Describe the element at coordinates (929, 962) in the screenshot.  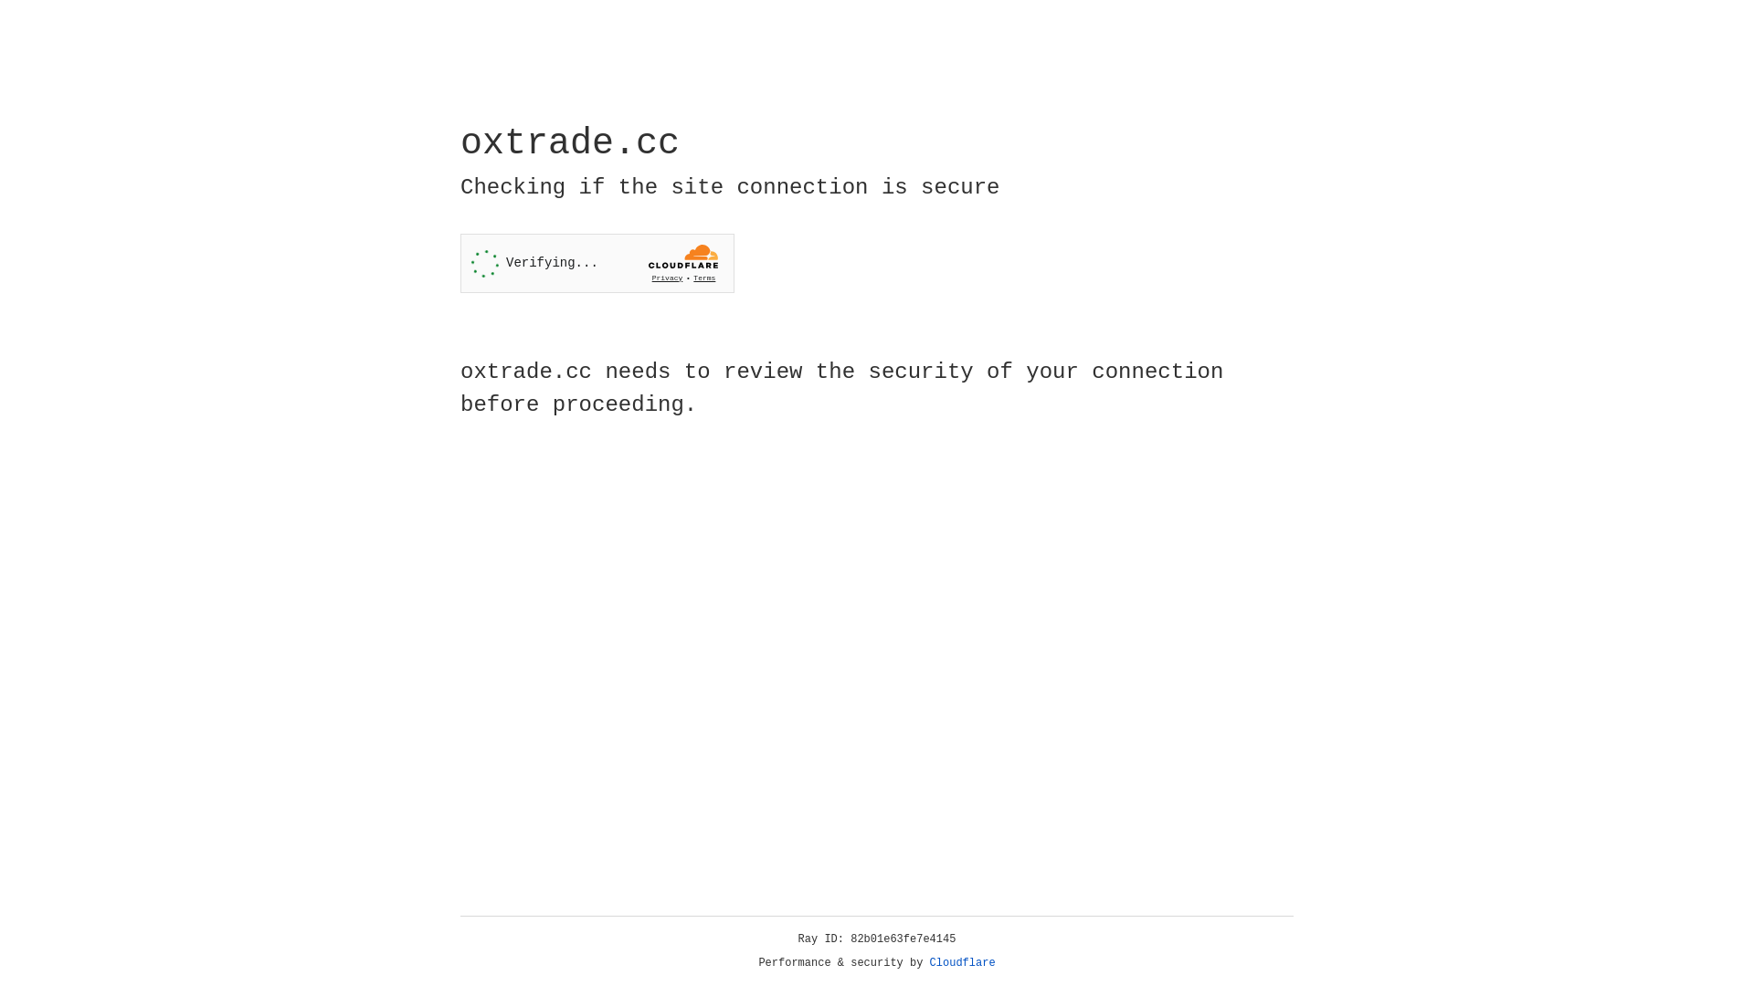
I see `'Cloudflare'` at that location.